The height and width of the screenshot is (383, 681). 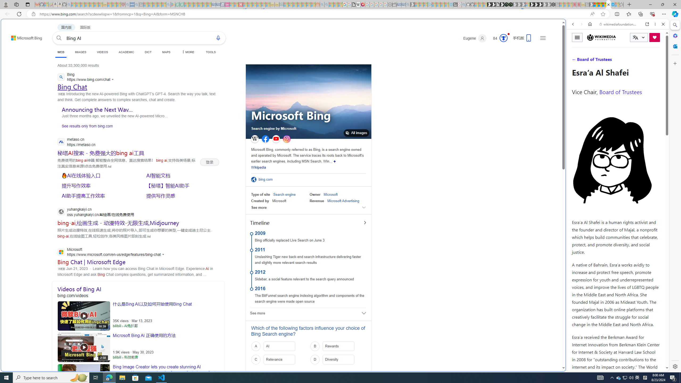 I want to click on 'Wikimedia Foundation', so click(x=601, y=37).